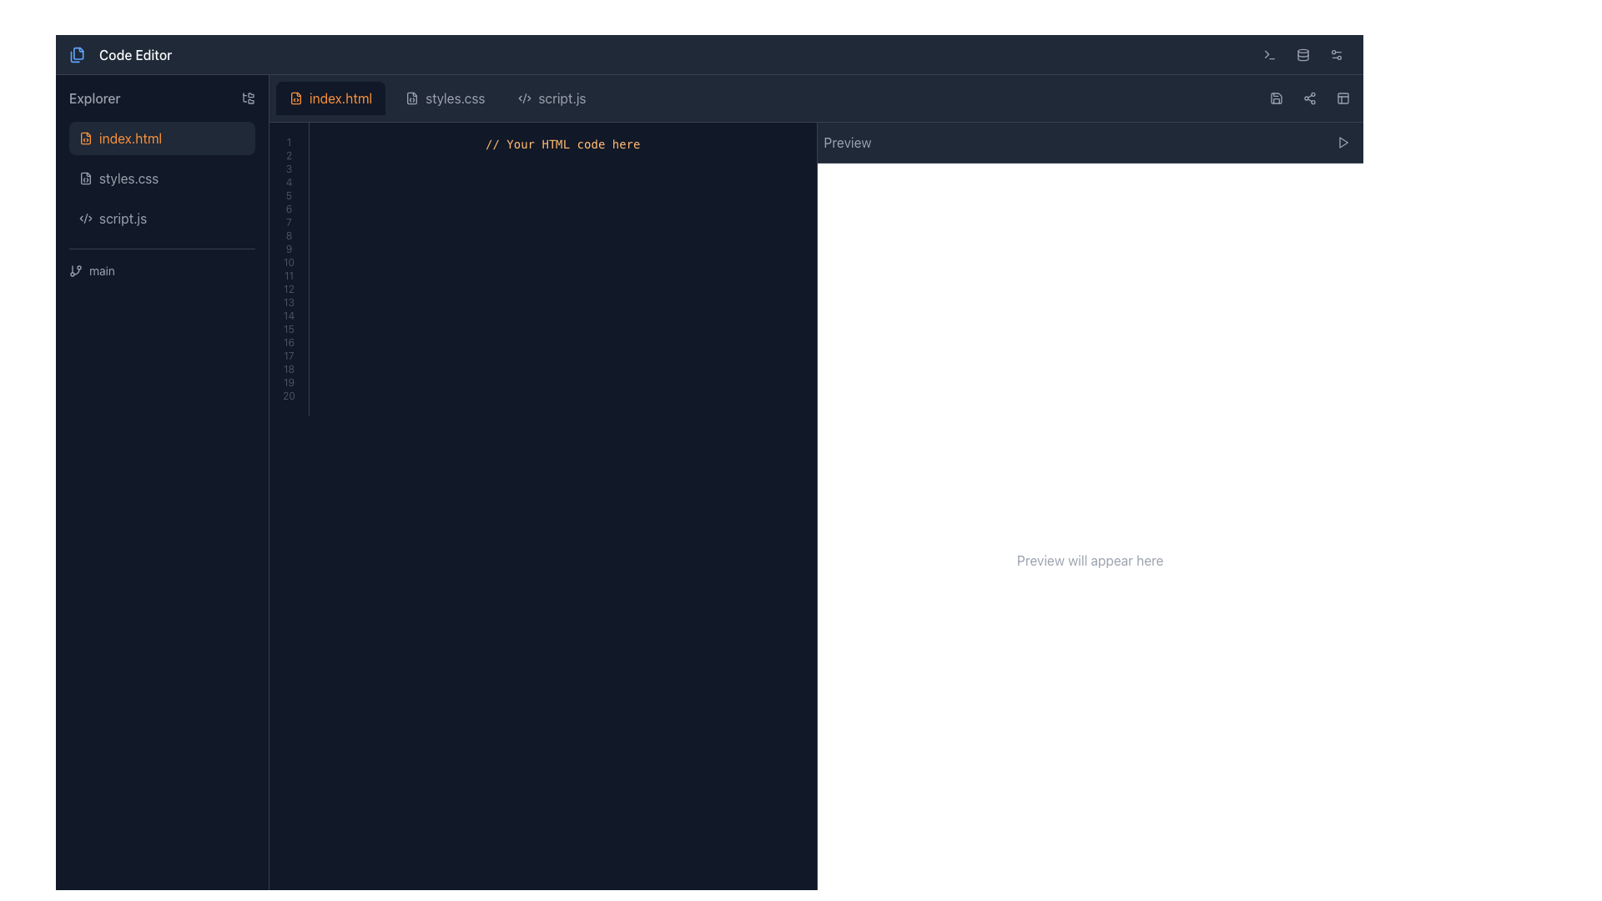 This screenshot has height=901, width=1602. Describe the element at coordinates (84, 218) in the screenshot. I see `the XML code-like icon representing the 'script.js' file in the sidebar` at that location.